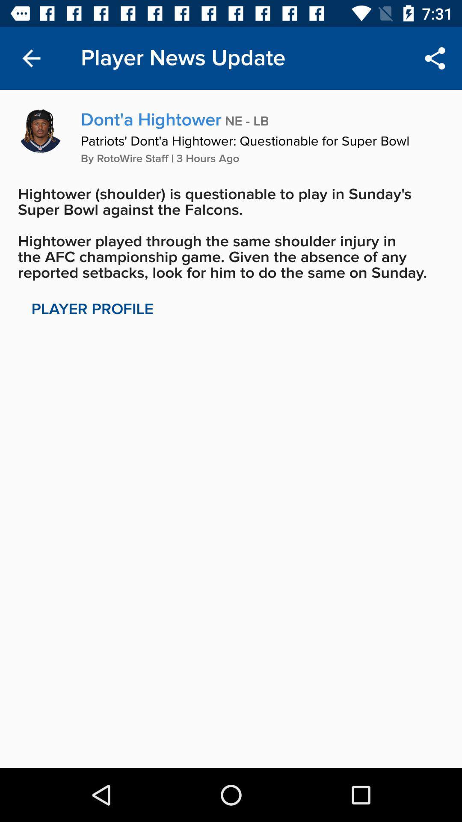  I want to click on item below hightower shoulder is icon, so click(92, 309).